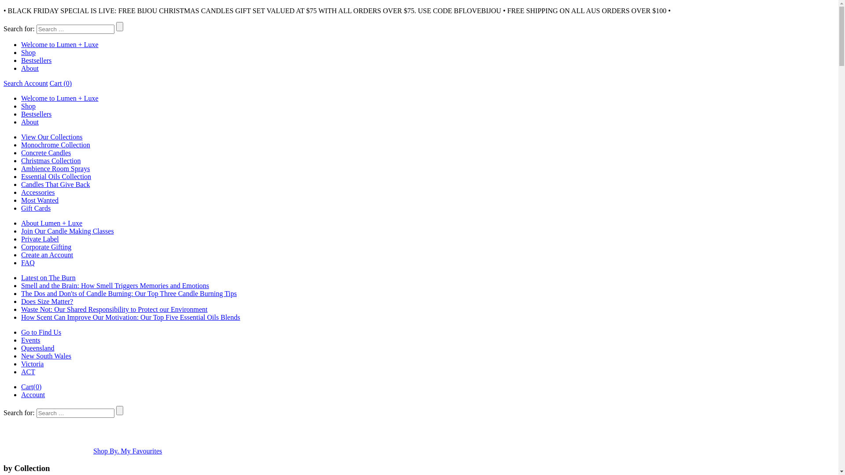 This screenshot has height=475, width=845. Describe the element at coordinates (21, 278) in the screenshot. I see `'Latest on The Burn'` at that location.